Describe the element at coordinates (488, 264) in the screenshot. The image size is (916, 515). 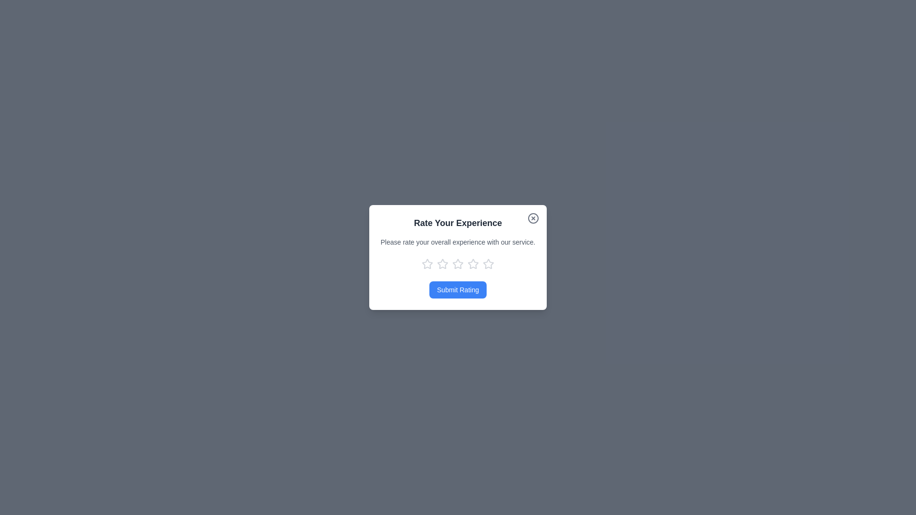
I see `the star corresponding to the rating 5 to provide a rating` at that location.